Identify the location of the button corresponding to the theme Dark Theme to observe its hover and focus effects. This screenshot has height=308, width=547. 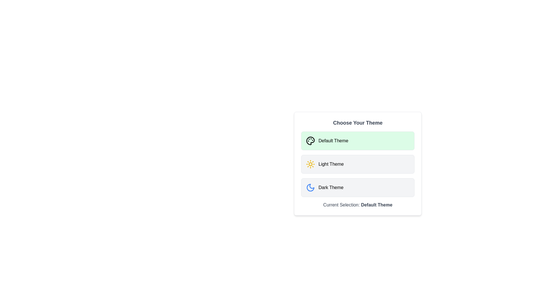
(358, 188).